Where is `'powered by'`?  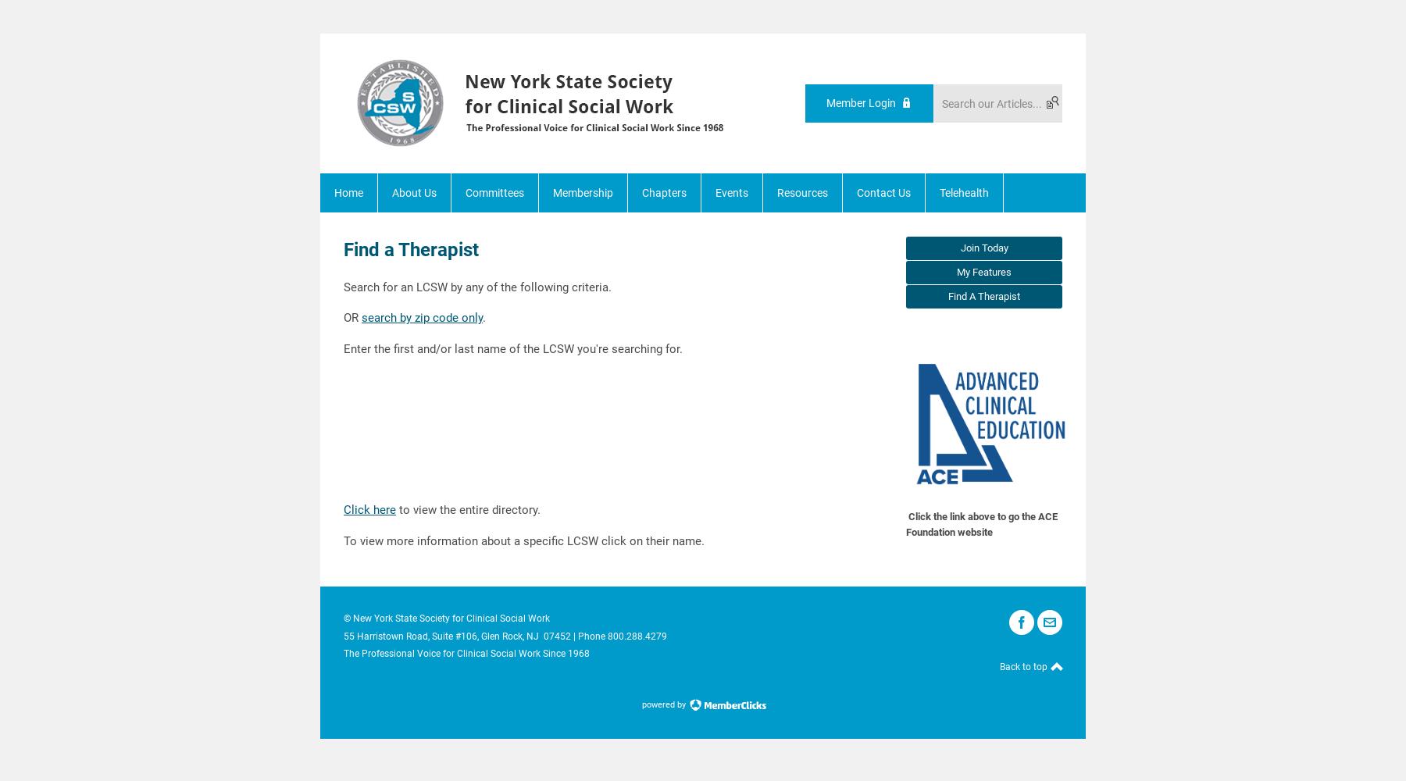
'powered by' is located at coordinates (664, 704).